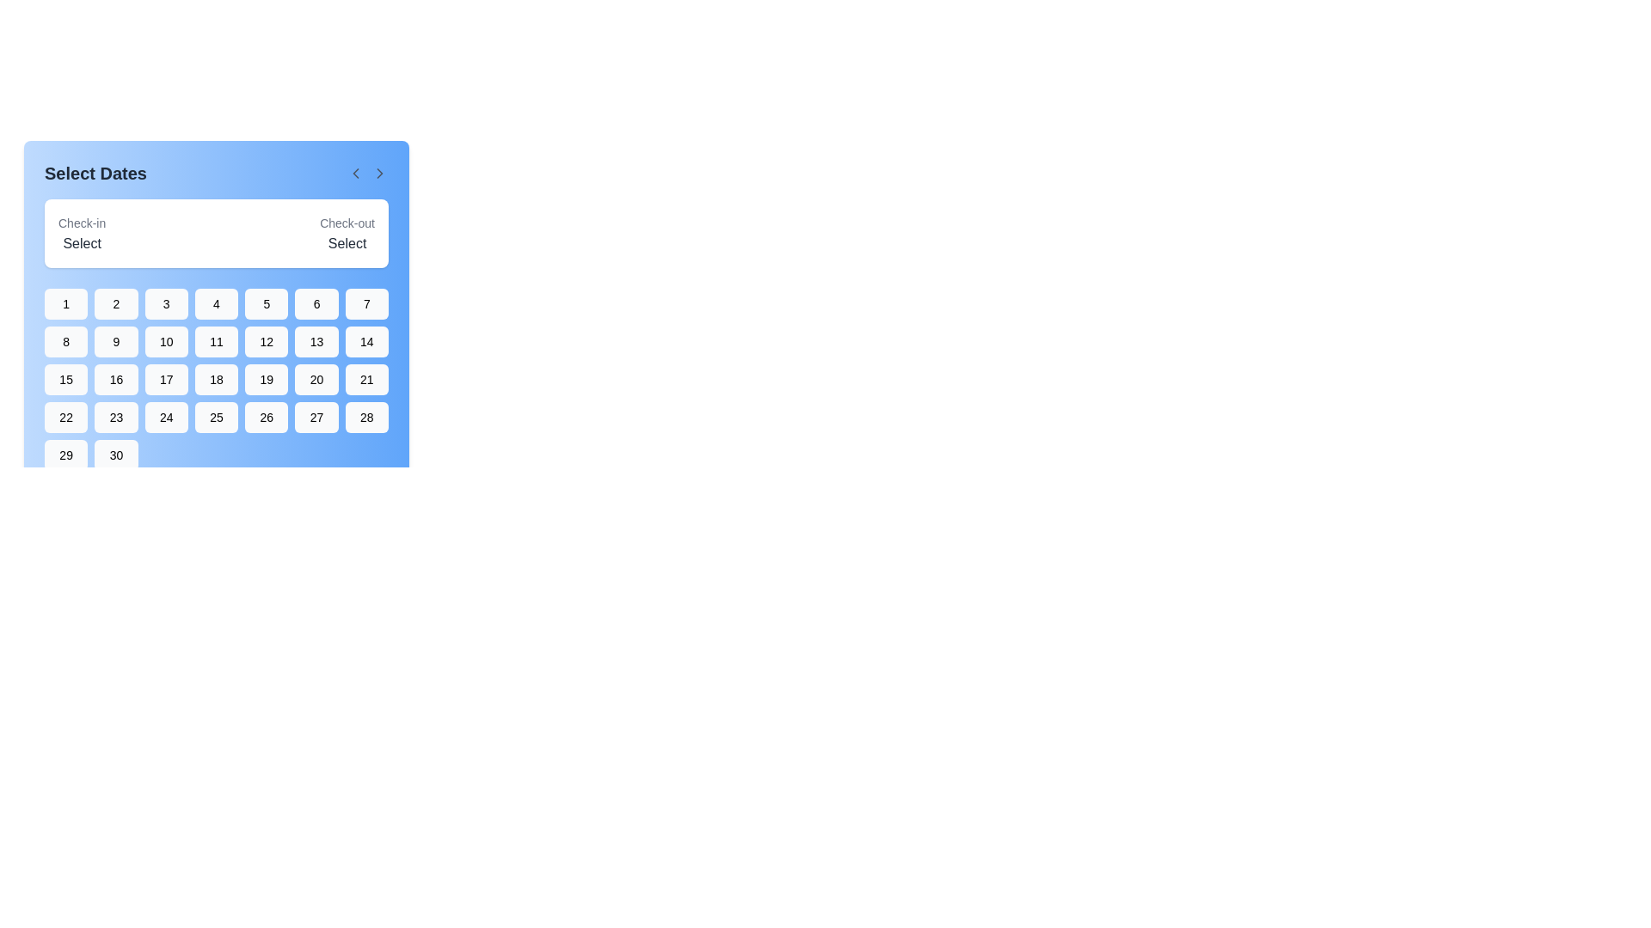 The width and height of the screenshot is (1651, 928). What do you see at coordinates (266, 418) in the screenshot?
I see `the button displaying the numeric text '26' in the calendar grid to observe hover effects` at bounding box center [266, 418].